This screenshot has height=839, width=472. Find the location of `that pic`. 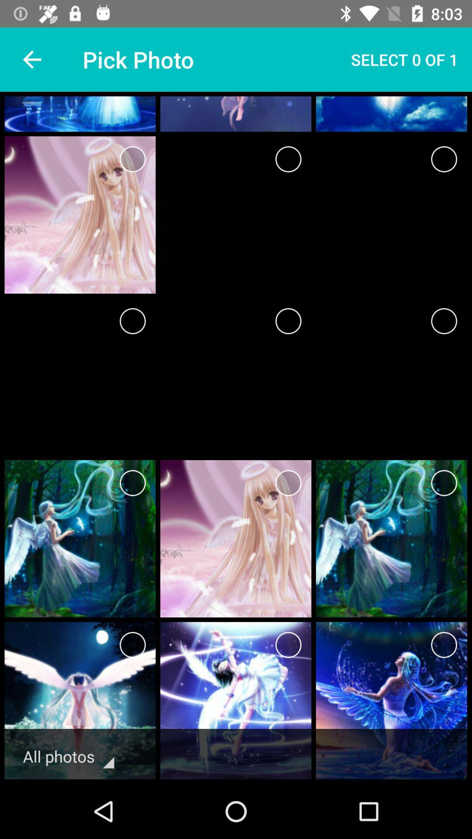

that pic is located at coordinates (288, 320).